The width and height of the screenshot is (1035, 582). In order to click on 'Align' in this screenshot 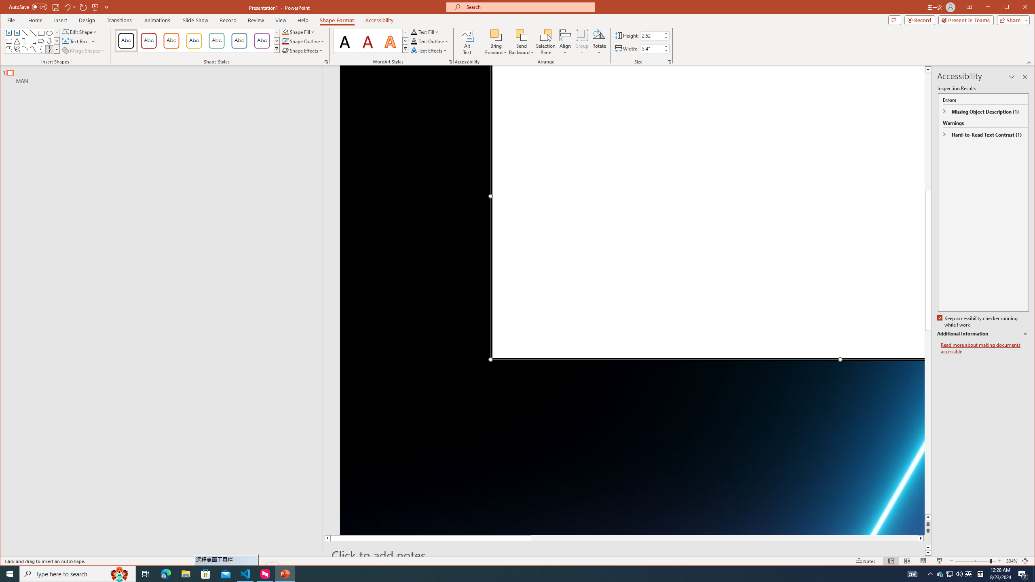, I will do `click(565, 42)`.